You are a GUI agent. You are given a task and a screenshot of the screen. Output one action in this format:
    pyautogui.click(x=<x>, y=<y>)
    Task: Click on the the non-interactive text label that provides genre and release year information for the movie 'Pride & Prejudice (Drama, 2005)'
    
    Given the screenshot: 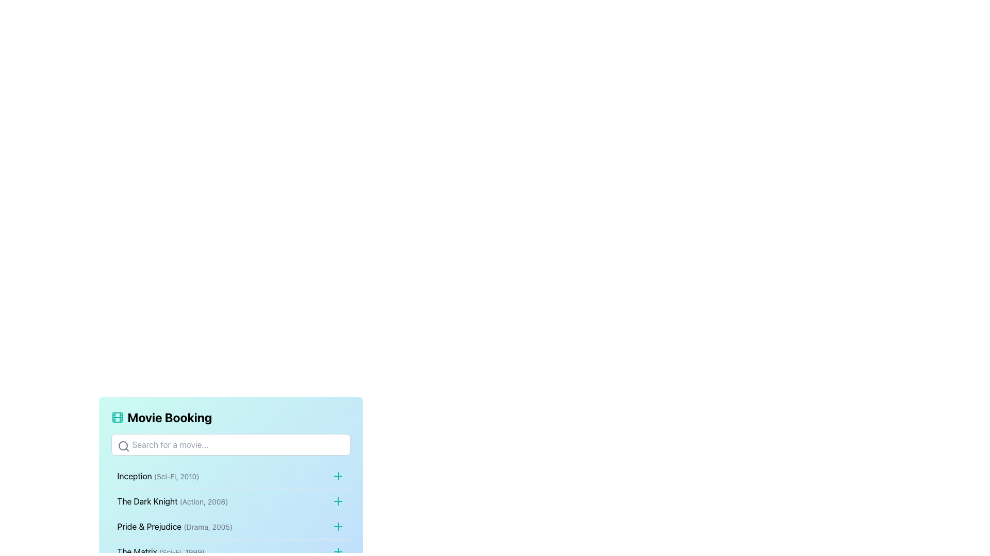 What is the action you would take?
    pyautogui.click(x=207, y=527)
    